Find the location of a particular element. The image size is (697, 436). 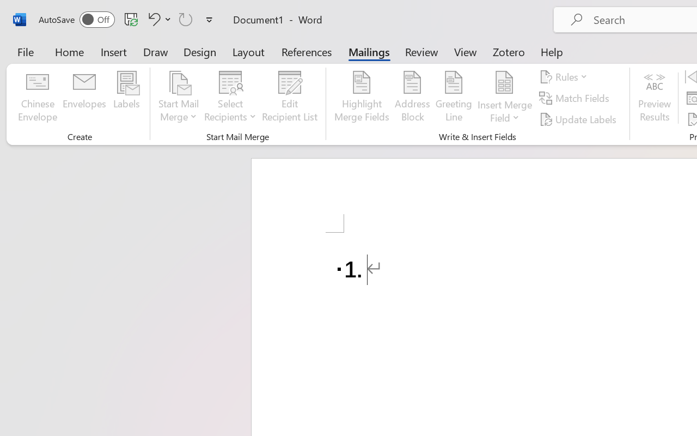

'Insert Merge Field' is located at coordinates (504, 82).